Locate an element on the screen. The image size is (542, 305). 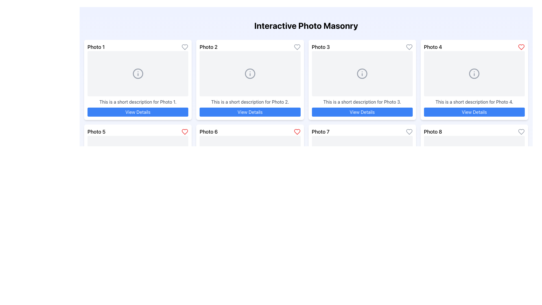
the button located at the bottom of the 'Photo 2' card is located at coordinates (250, 112).